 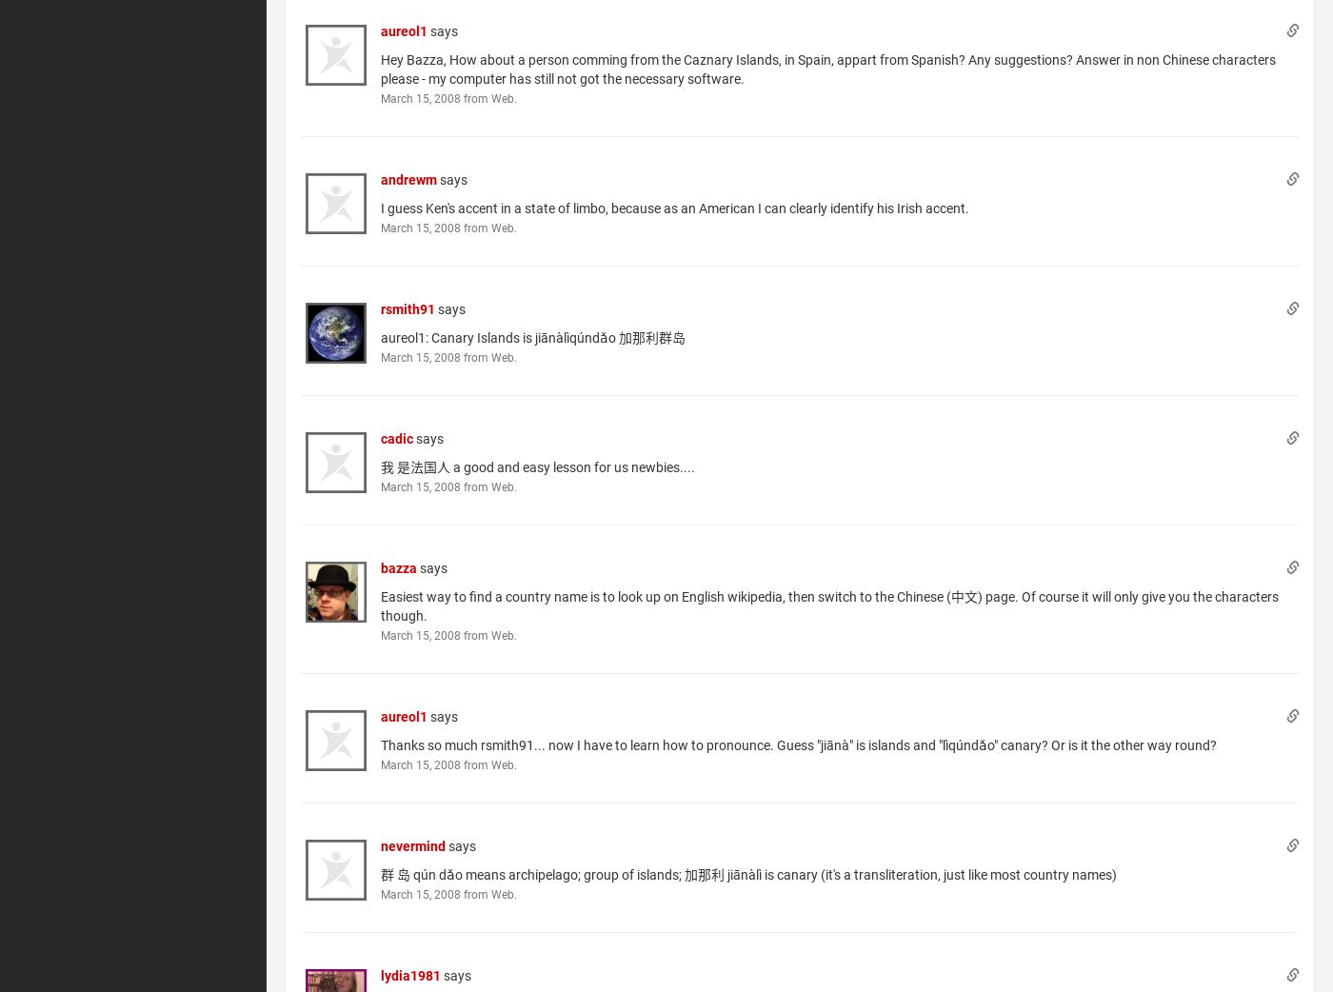 What do you see at coordinates (799, 744) in the screenshot?
I see `'Thanks so much rsmith91... now I have to learn how to pronounce. Guess "jiānà" is islands and "lìqúndǎo" canary? Or is it the other way round?'` at bounding box center [799, 744].